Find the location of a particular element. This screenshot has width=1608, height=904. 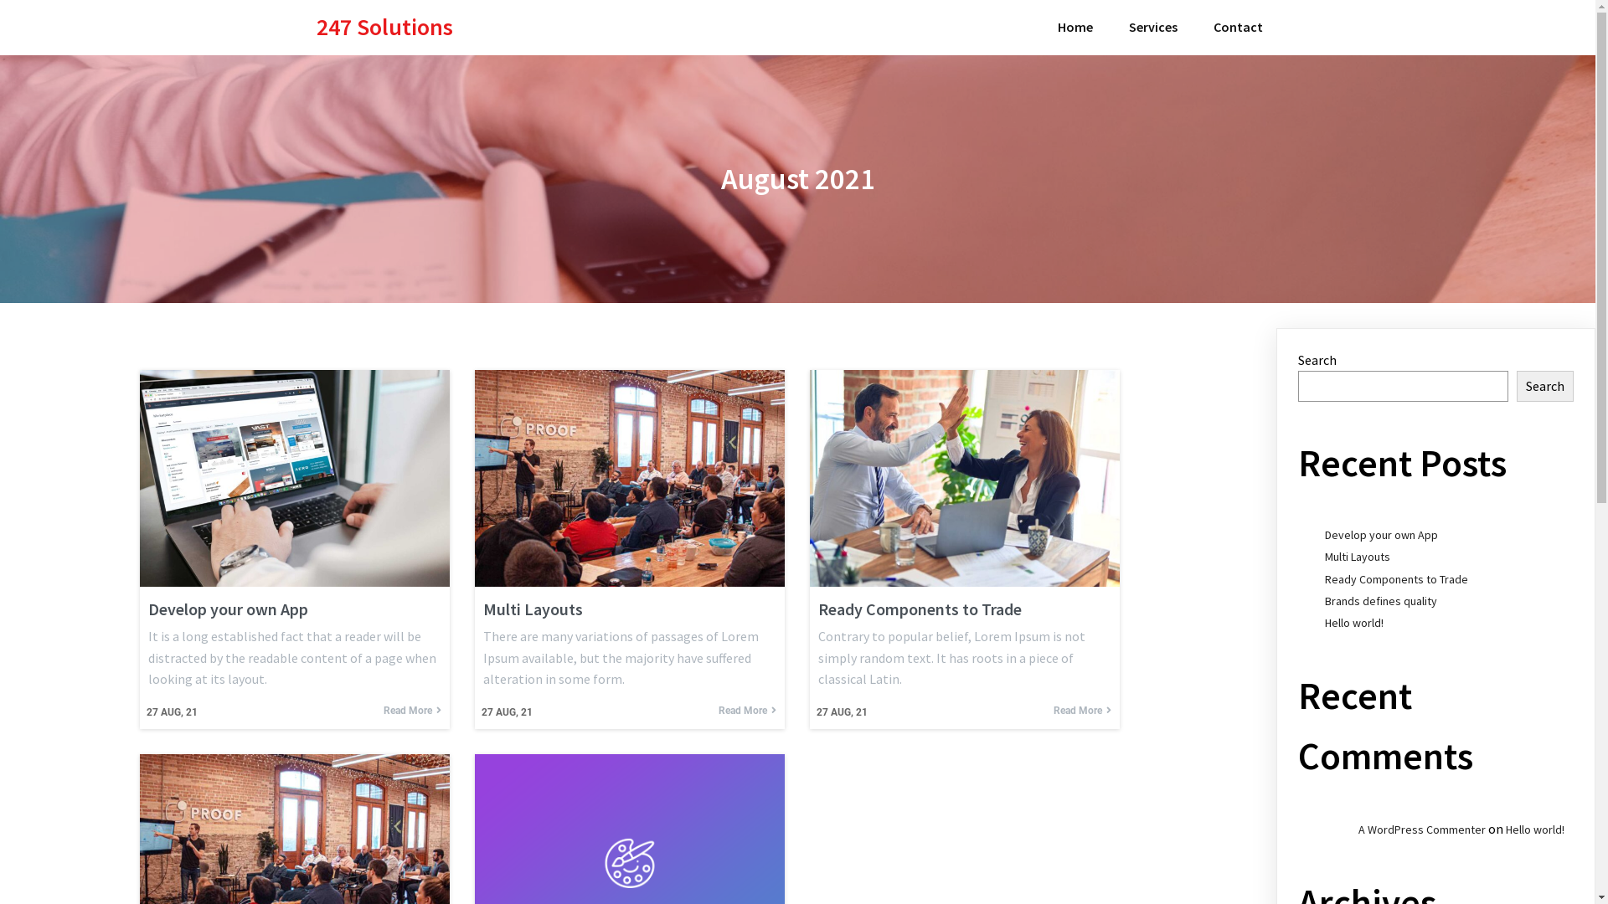

'Ready Components to Trade' is located at coordinates (965, 609).